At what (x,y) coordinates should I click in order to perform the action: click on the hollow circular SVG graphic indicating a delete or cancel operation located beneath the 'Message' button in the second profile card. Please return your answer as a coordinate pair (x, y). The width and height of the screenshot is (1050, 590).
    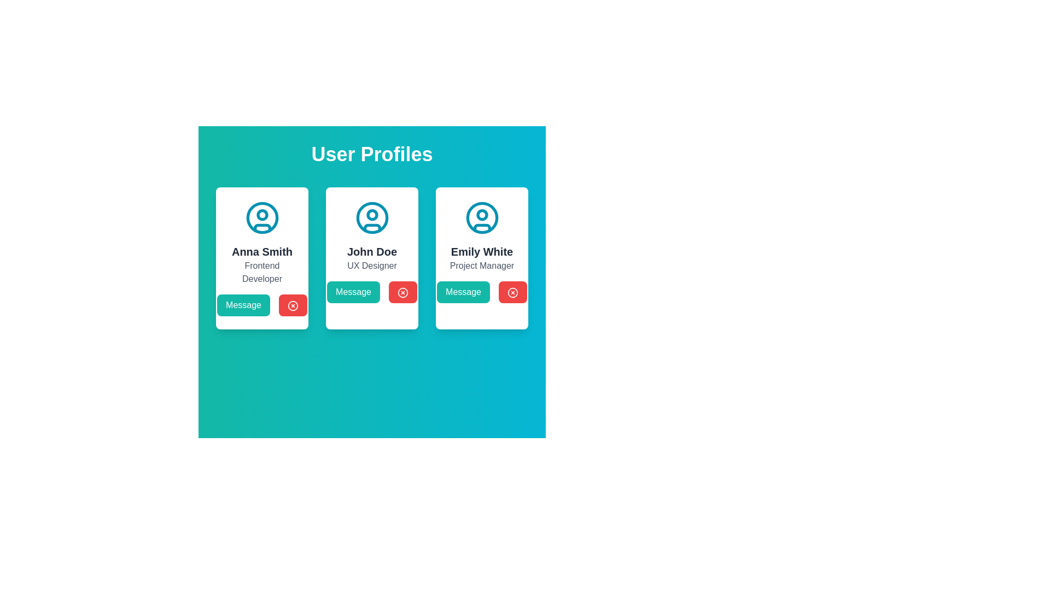
    Looking at the image, I should click on (293, 305).